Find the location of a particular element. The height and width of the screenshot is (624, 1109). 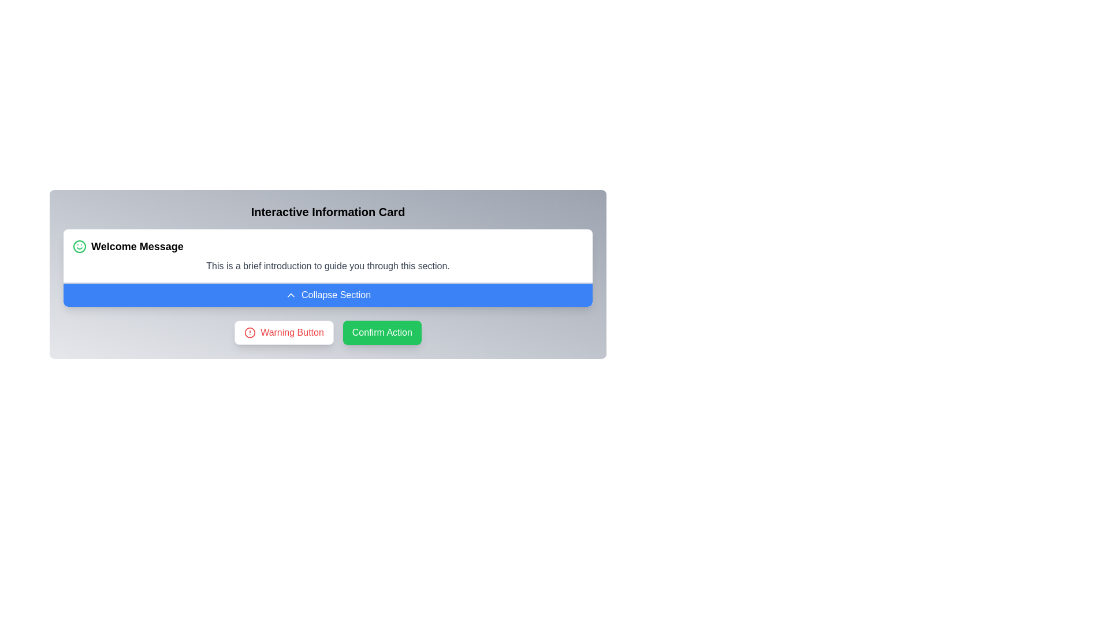

the header message text element that welcomes the user, located in the top-left region of the content card is located at coordinates (137, 246).